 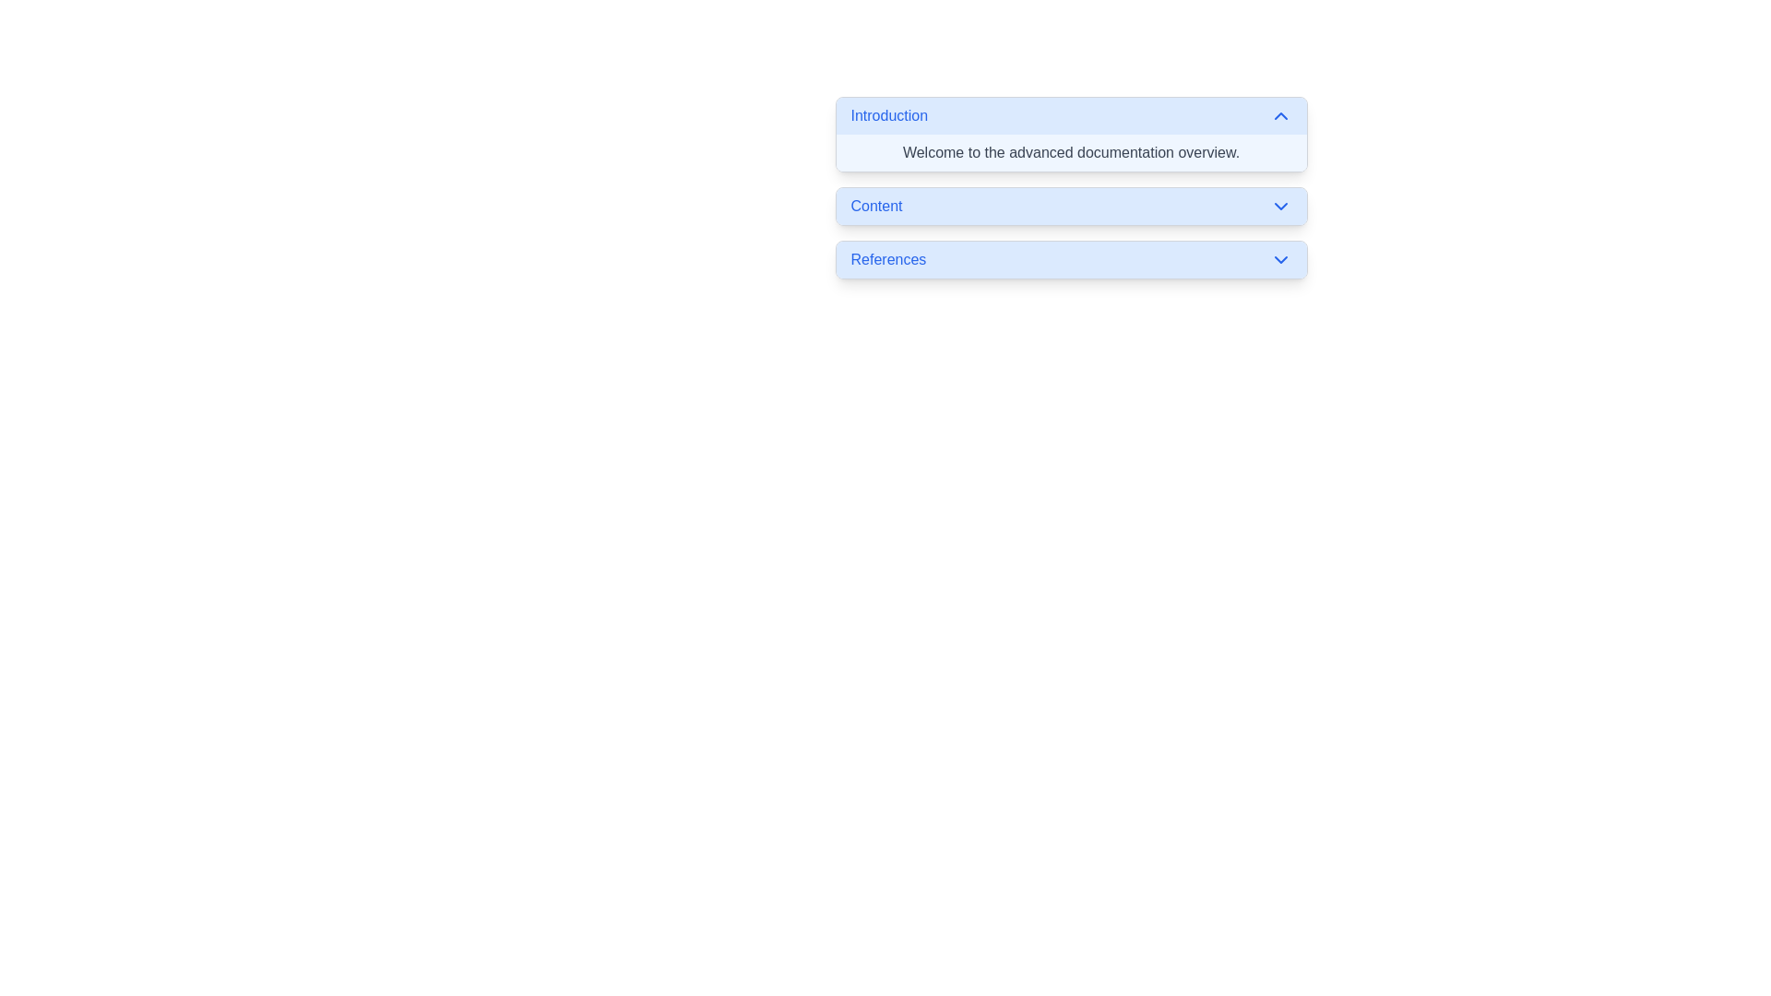 What do you see at coordinates (1071, 151) in the screenshot?
I see `the static text block that displays the phrase 'Welcome to the advanced documentation overview.' with a light blue background and dark gray text, located under the 'Introduction' section in the collapsible menu` at bounding box center [1071, 151].